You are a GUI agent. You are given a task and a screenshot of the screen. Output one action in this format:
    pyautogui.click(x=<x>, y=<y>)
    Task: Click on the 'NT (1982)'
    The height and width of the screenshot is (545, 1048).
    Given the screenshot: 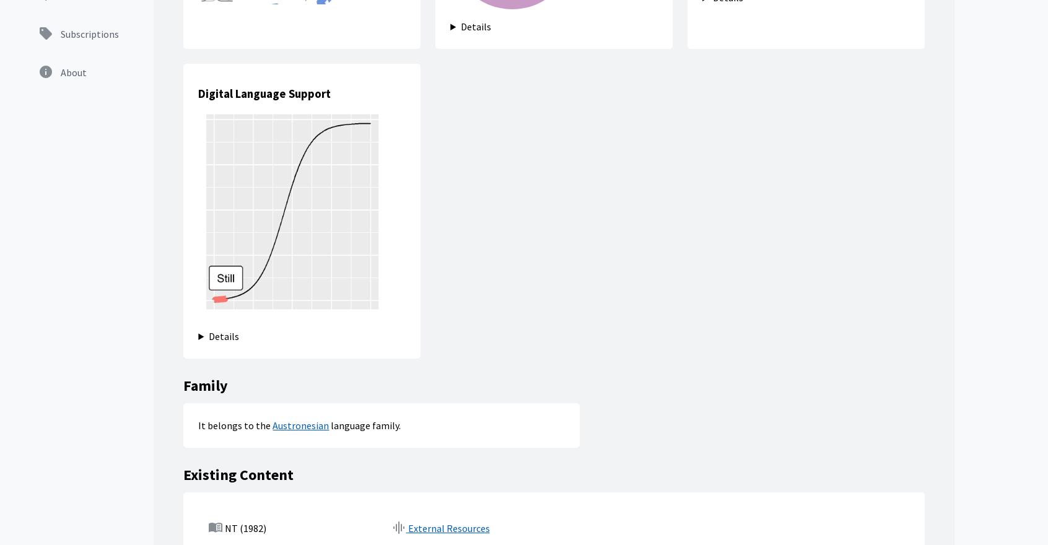 What is the action you would take?
    pyautogui.click(x=245, y=162)
    